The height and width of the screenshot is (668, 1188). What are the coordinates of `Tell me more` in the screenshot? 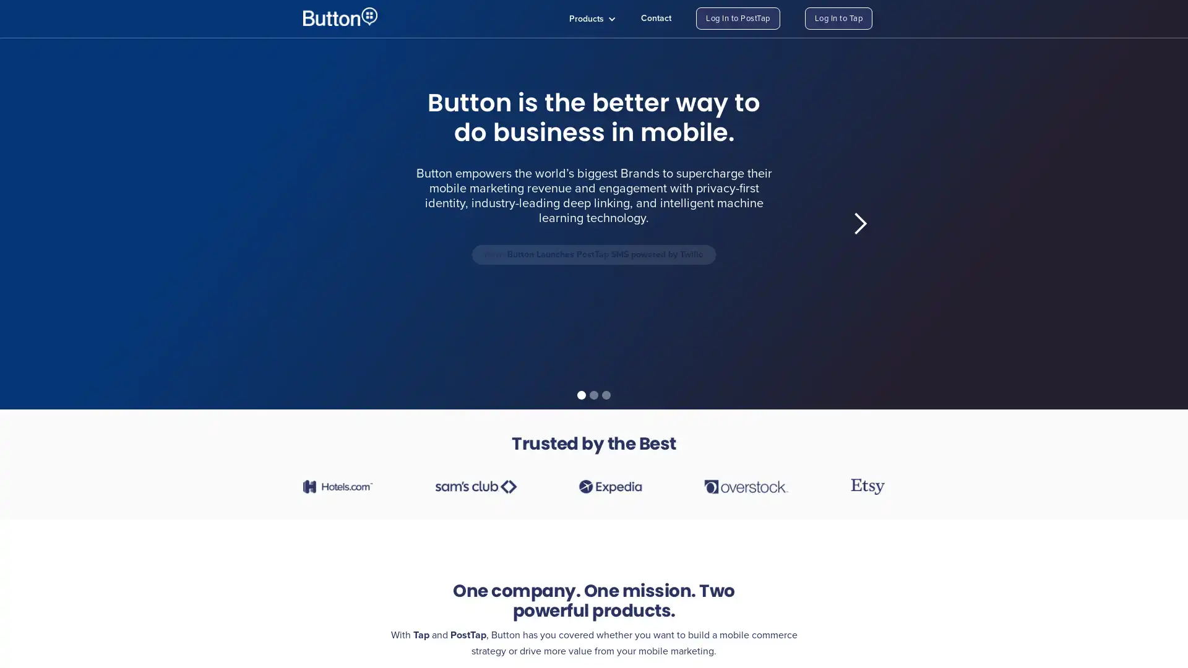 It's located at (456, 314).